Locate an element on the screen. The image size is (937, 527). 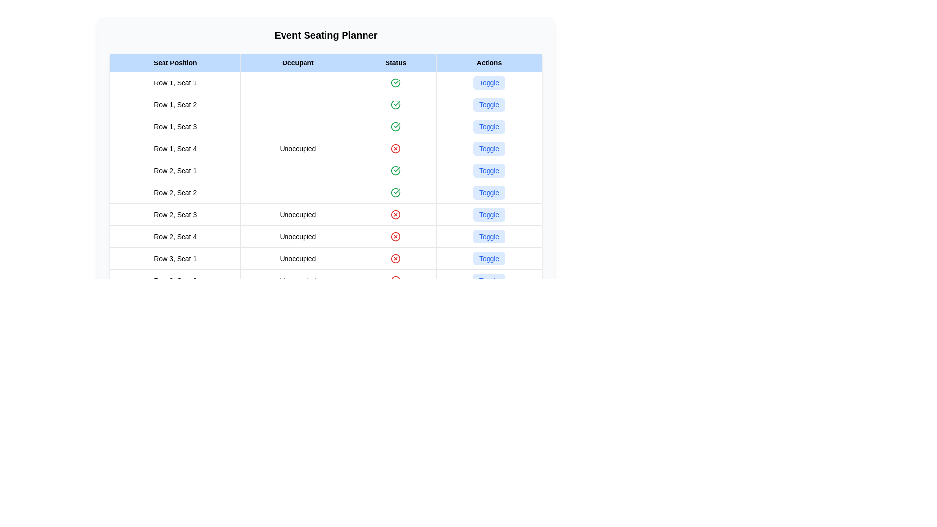
the green checkmark icon in the third cell of the 'Status' column for 'Row 1, Seat 3' to indicate its availability or confirmation is located at coordinates (396, 126).